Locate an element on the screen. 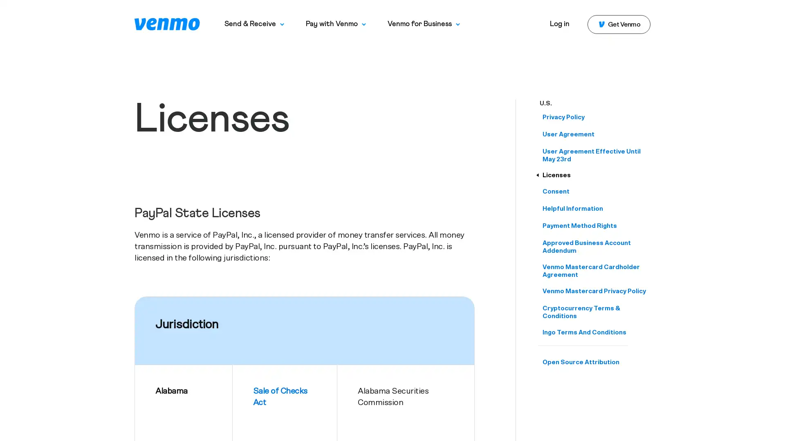 Image resolution: width=785 pixels, height=441 pixels. Terms tab name - Venmo Mastercard Cardholder Agreement is located at coordinates (596, 271).